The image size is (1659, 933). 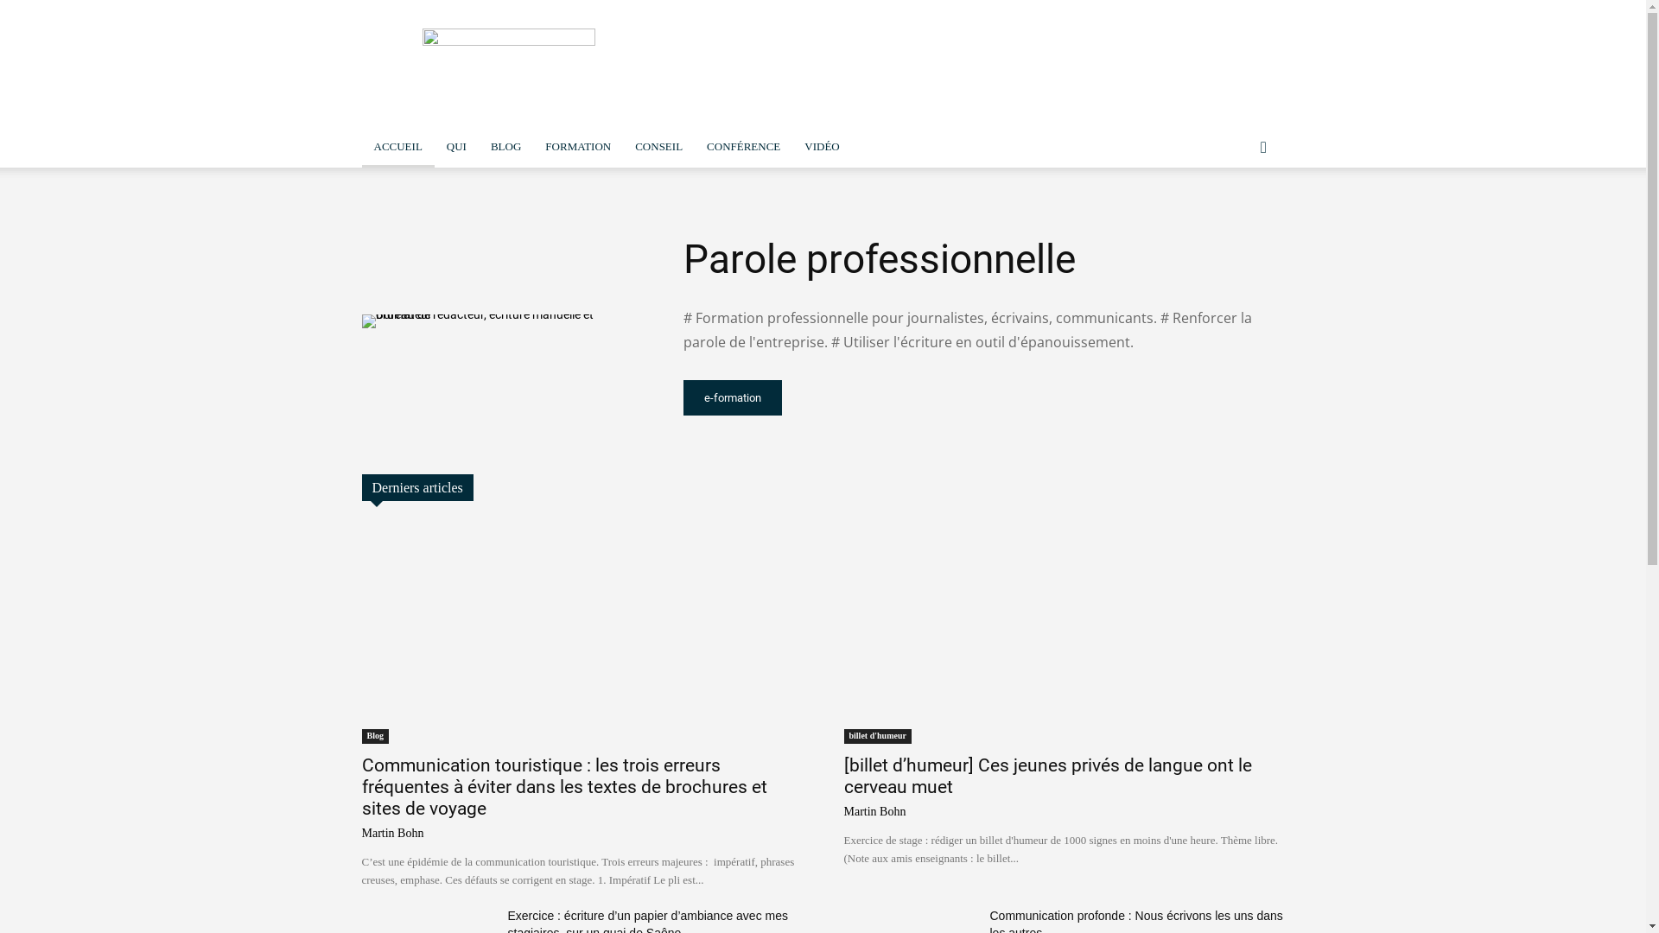 I want to click on 'QUI', so click(x=456, y=145).